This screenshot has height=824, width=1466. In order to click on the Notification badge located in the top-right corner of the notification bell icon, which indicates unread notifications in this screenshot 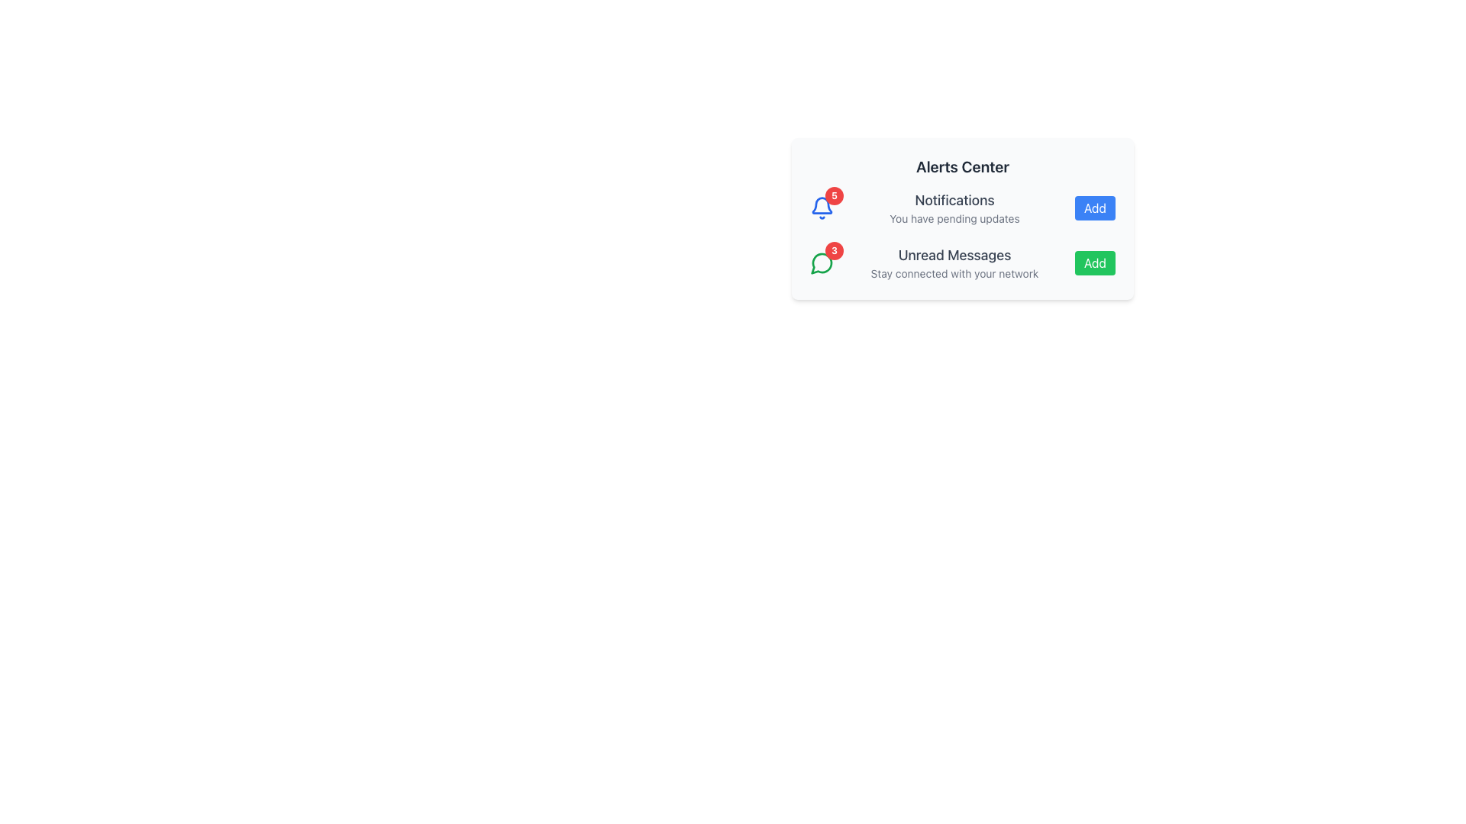, I will do `click(834, 195)`.